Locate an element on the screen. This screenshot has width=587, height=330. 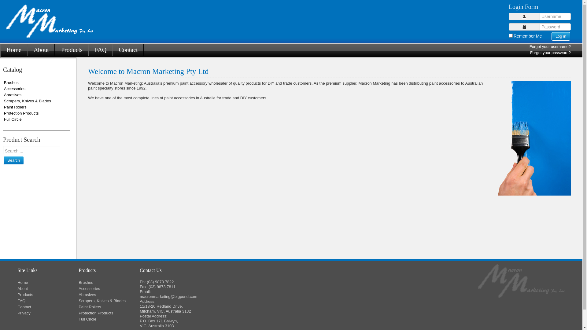
'Search' is located at coordinates (13, 160).